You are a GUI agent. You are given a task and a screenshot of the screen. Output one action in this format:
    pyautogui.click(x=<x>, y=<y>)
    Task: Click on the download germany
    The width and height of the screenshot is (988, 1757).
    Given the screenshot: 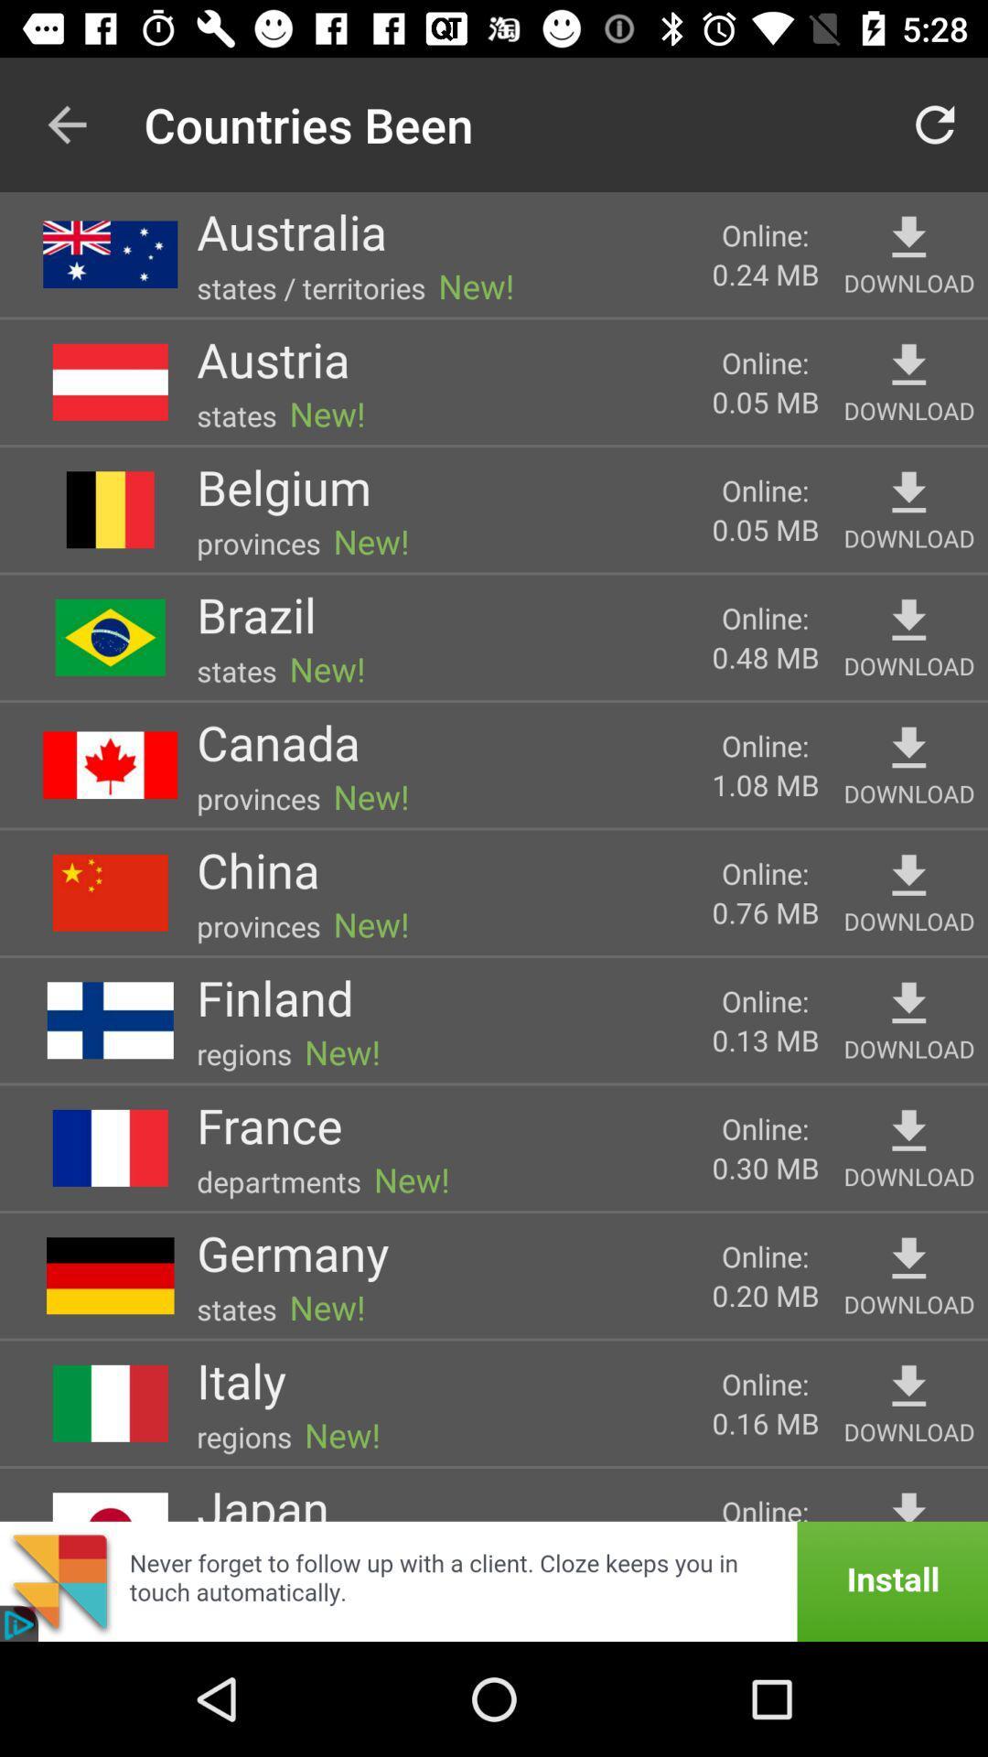 What is the action you would take?
    pyautogui.click(x=908, y=1258)
    